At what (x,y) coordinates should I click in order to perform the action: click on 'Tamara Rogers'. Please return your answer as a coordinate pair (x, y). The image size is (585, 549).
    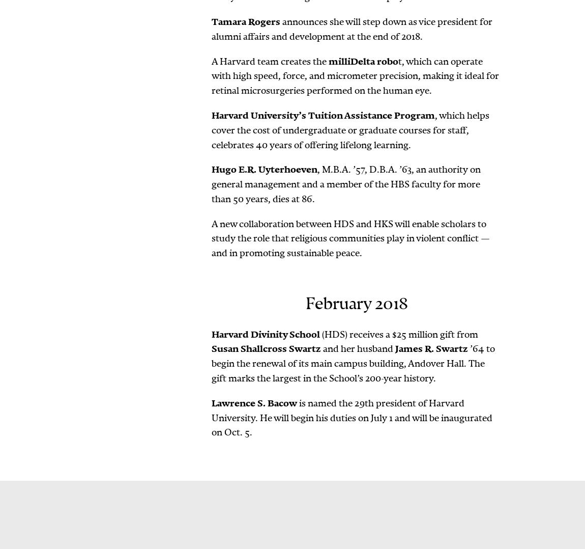
    Looking at the image, I should click on (246, 21).